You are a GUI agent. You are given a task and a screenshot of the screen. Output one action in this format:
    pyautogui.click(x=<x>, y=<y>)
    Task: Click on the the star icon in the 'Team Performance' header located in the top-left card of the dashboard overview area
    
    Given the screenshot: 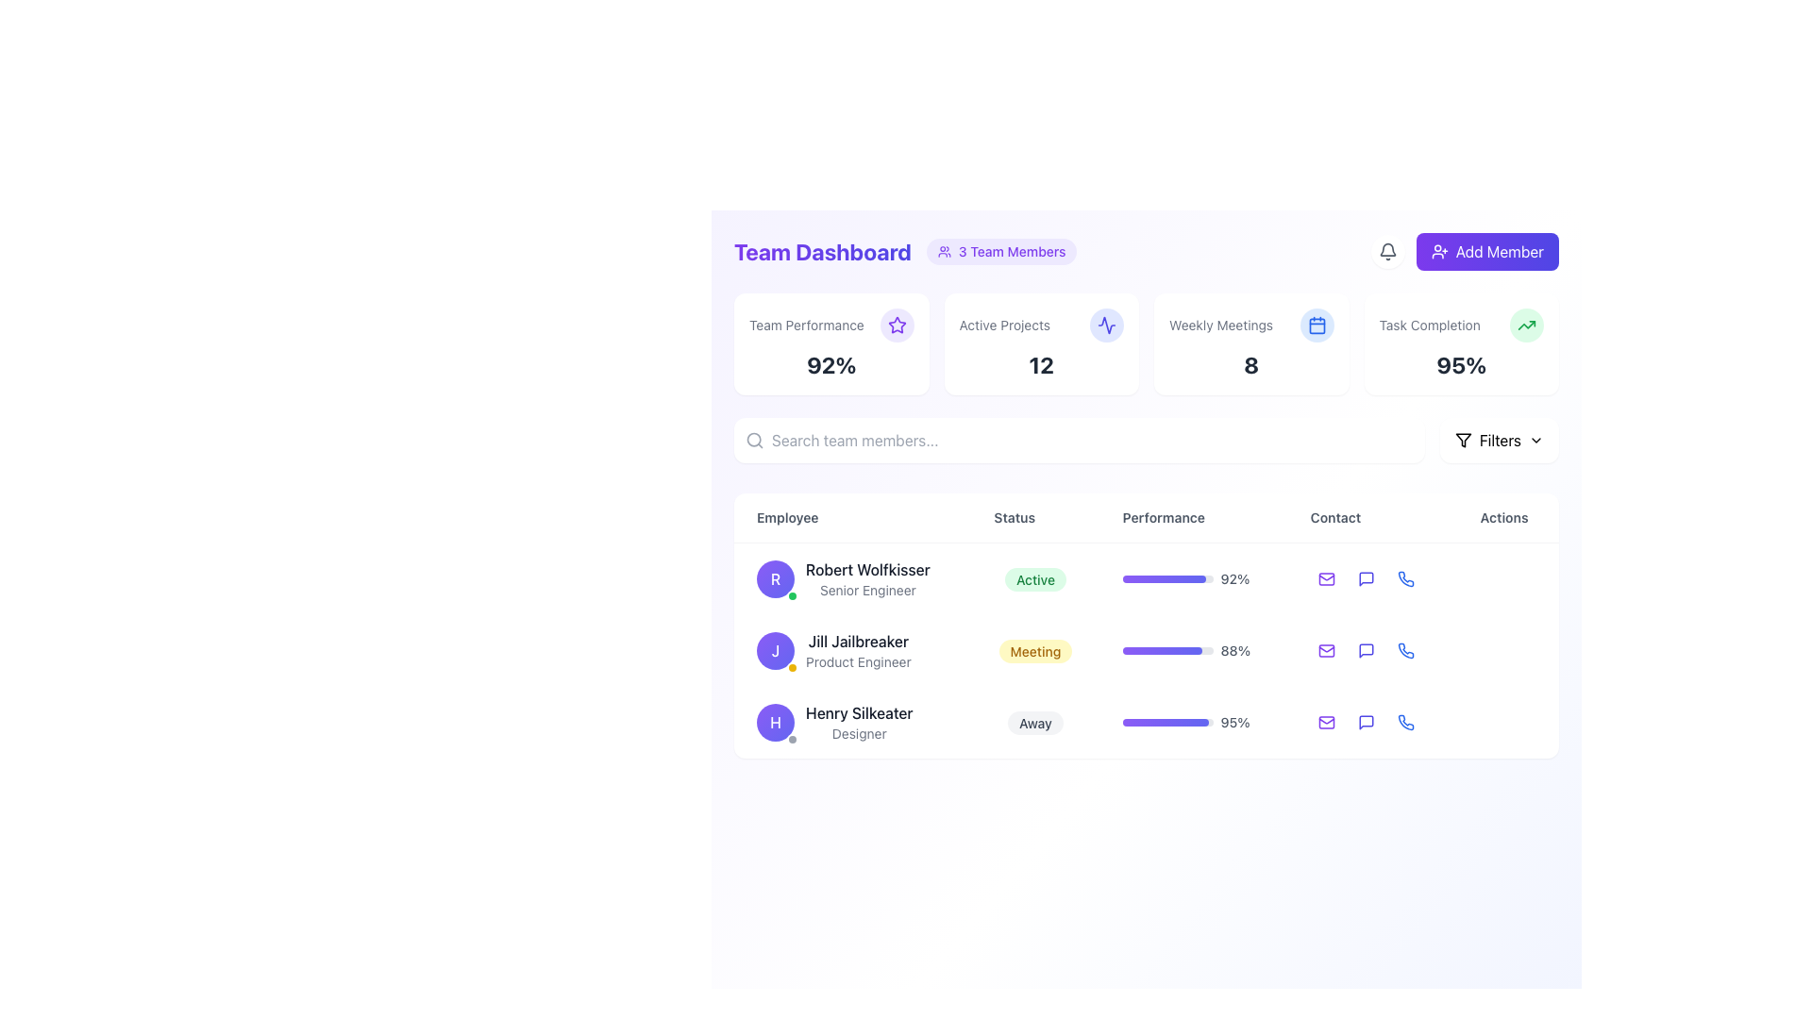 What is the action you would take?
    pyautogui.click(x=830, y=324)
    